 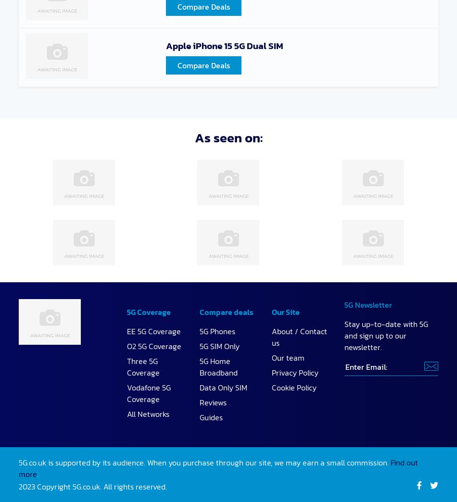 What do you see at coordinates (222, 387) in the screenshot?
I see `'Data Only SIM'` at bounding box center [222, 387].